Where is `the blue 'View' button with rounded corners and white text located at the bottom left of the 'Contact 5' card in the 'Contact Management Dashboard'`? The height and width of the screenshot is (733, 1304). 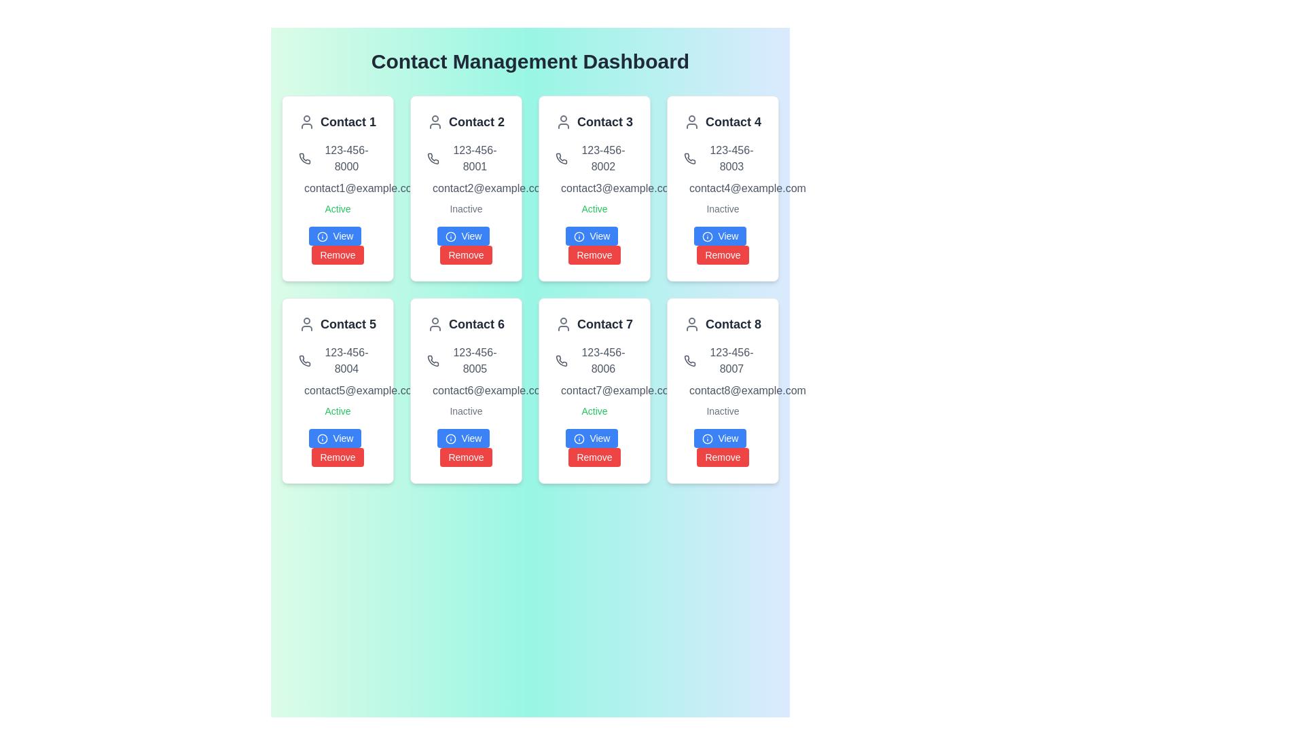 the blue 'View' button with rounded corners and white text located at the bottom left of the 'Contact 5' card in the 'Contact Management Dashboard' is located at coordinates (335, 438).